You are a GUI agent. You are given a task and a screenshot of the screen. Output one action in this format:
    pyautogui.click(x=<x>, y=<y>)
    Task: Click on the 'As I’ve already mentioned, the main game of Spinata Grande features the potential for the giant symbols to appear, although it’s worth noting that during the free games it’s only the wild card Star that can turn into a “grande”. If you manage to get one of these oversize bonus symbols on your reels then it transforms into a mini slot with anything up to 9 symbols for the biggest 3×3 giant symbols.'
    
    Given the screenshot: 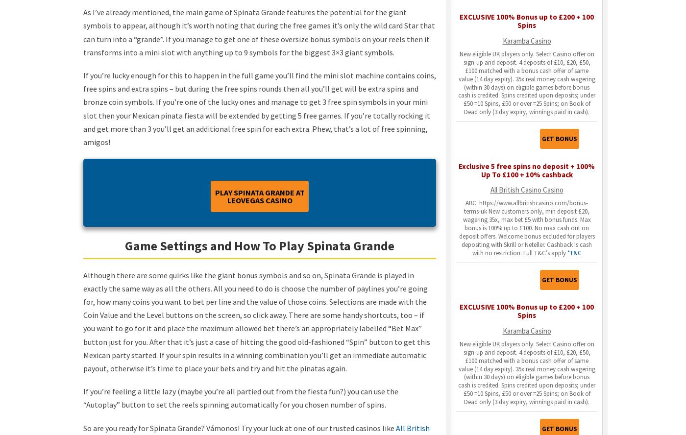 What is the action you would take?
    pyautogui.click(x=259, y=31)
    